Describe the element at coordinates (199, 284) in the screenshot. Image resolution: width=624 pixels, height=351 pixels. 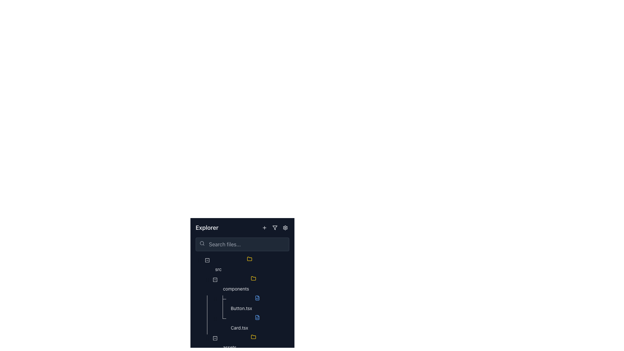
I see `the small vertical indentation or spacer element that visually separates levels in the 'components' tree node of the directory tree structure` at that location.